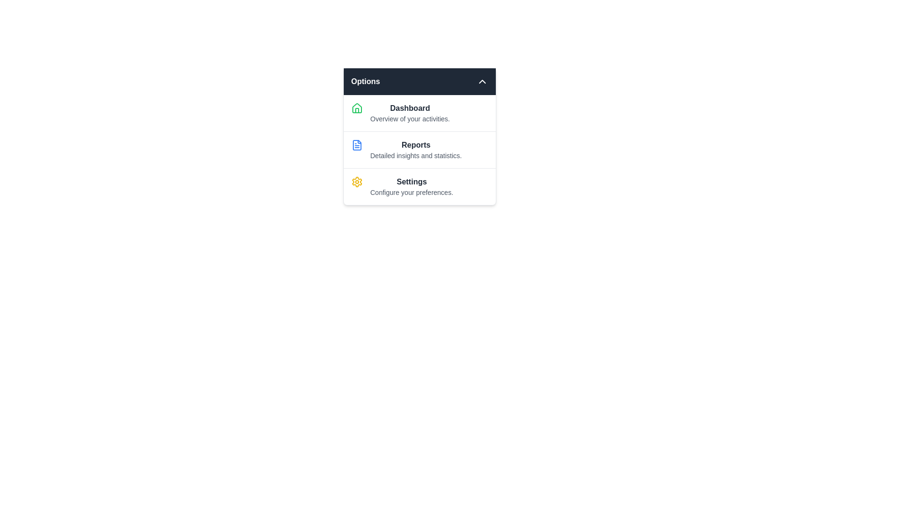 The width and height of the screenshot is (918, 516). I want to click on the subtitle text reading 'Detailed insights and statistics.' which is located directly below the 'Reports' heading in the 'Options' menu section, so click(416, 155).